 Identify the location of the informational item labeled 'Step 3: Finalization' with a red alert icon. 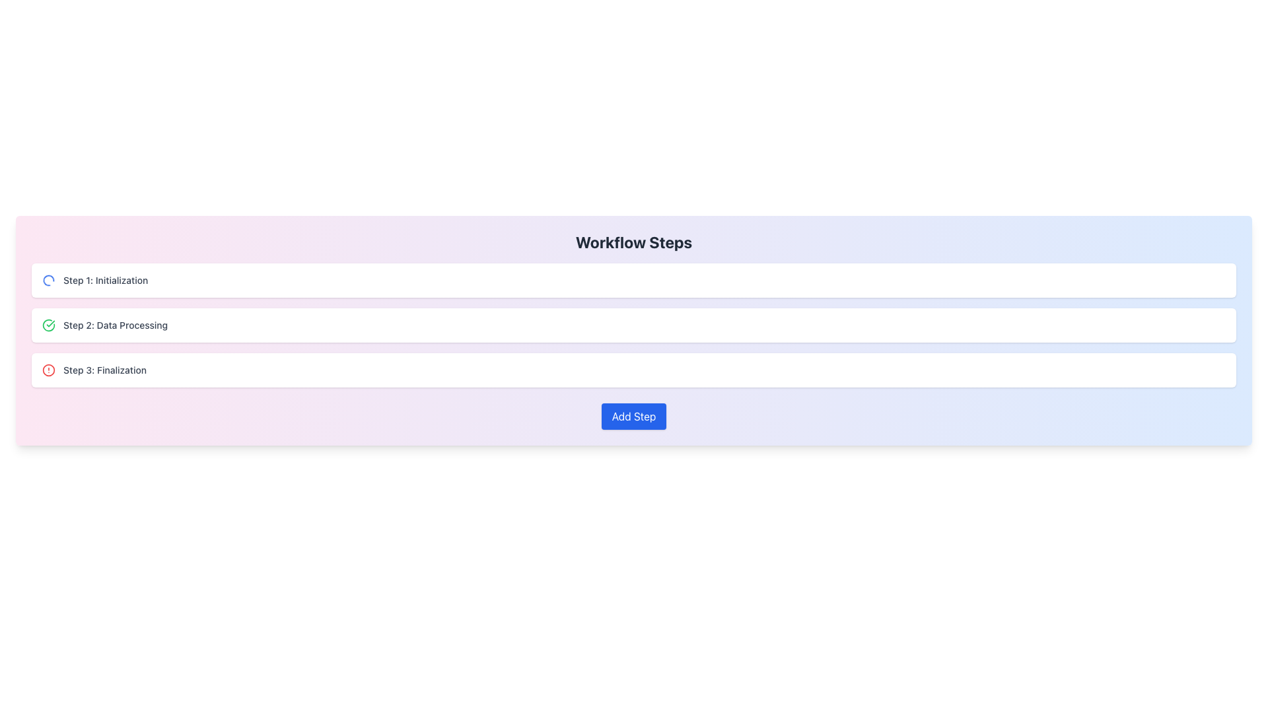
(634, 370).